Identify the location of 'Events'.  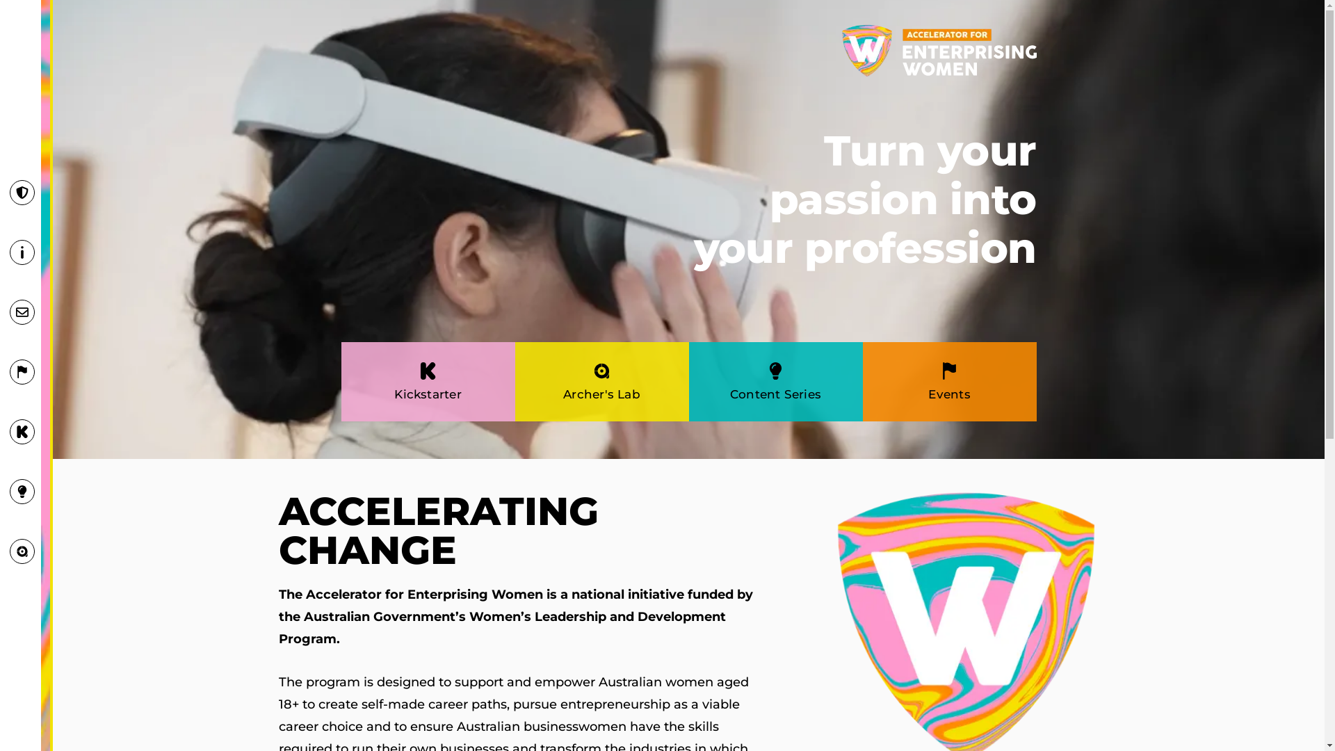
(948, 394).